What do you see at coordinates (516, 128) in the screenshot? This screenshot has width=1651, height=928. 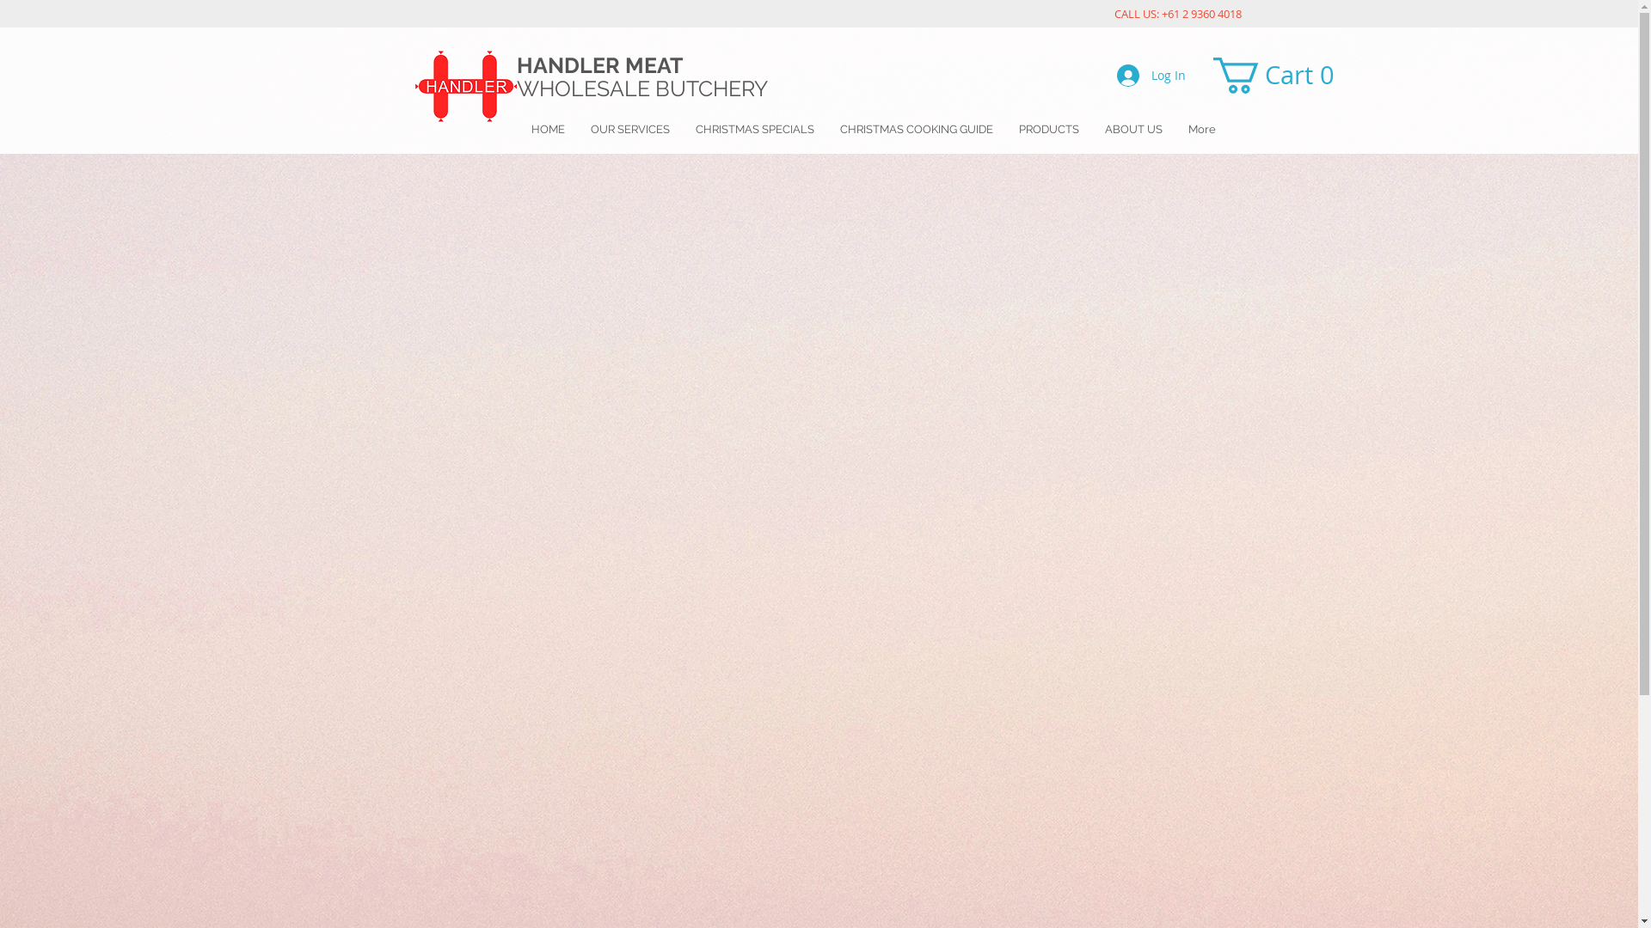 I see `'HOME'` at bounding box center [516, 128].